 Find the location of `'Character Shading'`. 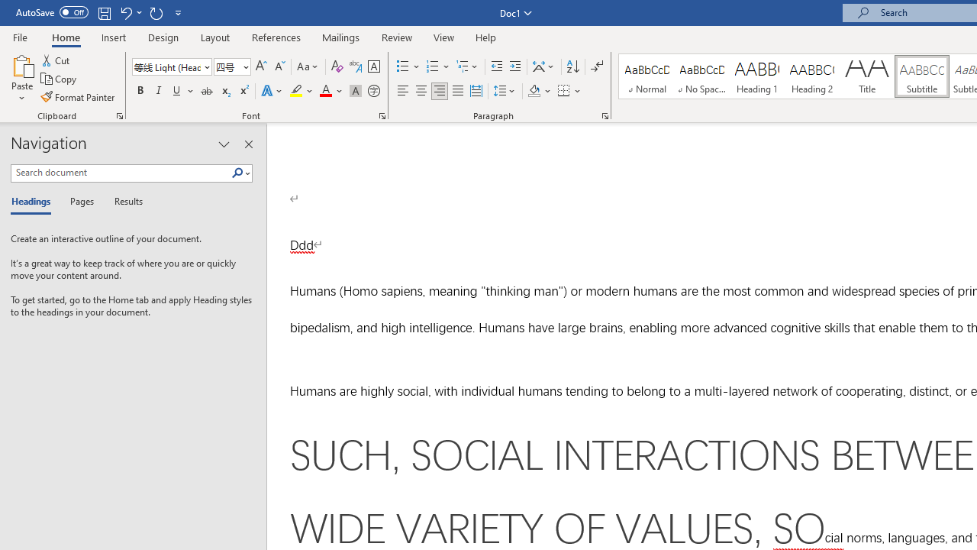

'Character Shading' is located at coordinates (354, 91).